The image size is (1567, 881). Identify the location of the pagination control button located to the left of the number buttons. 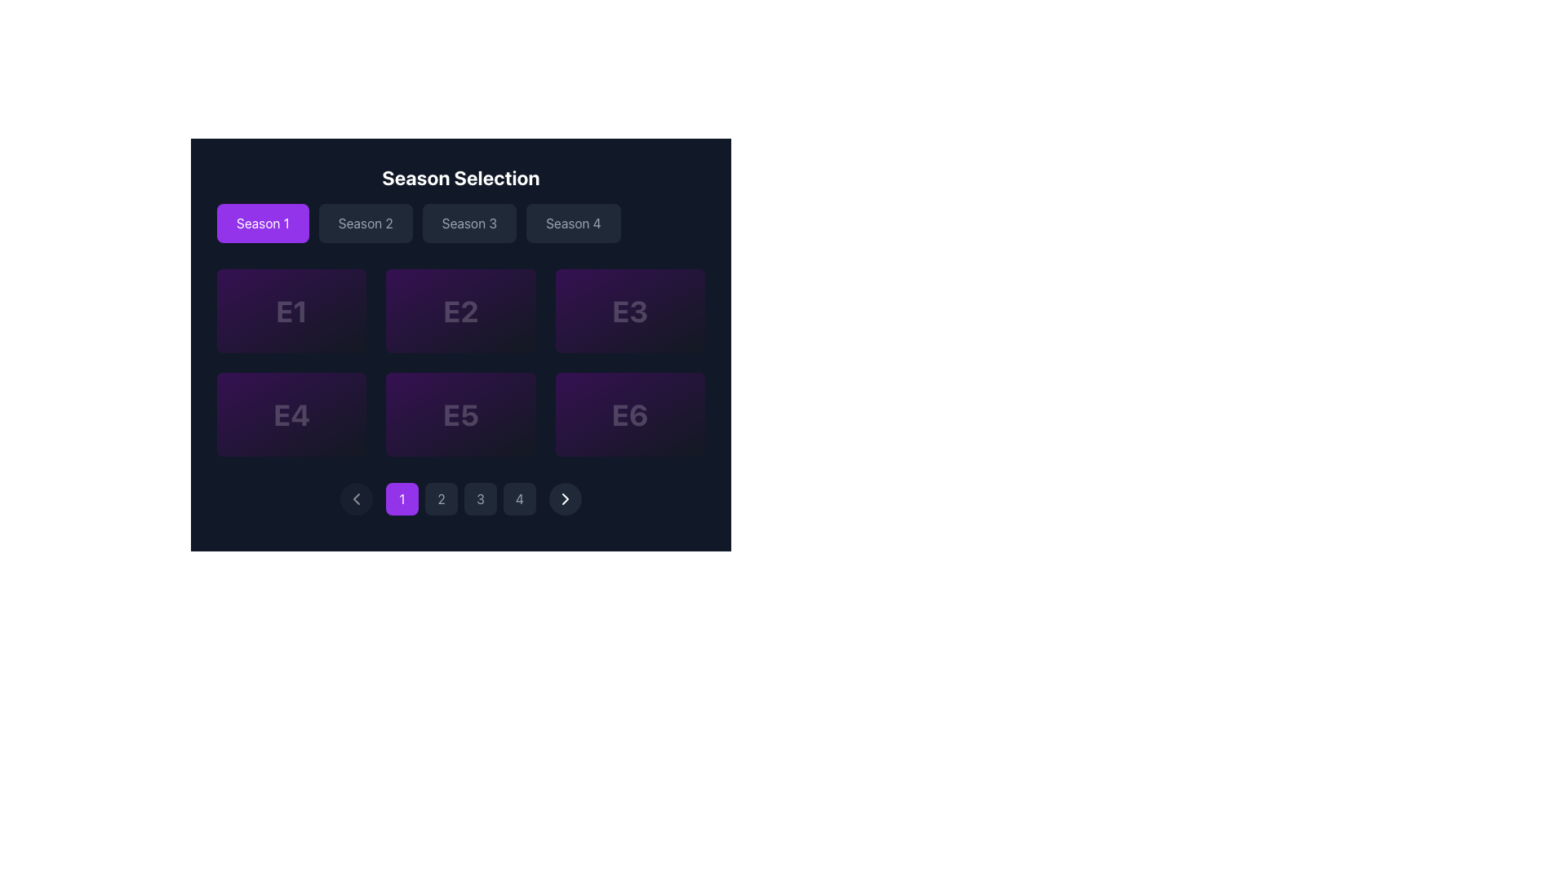
(355, 498).